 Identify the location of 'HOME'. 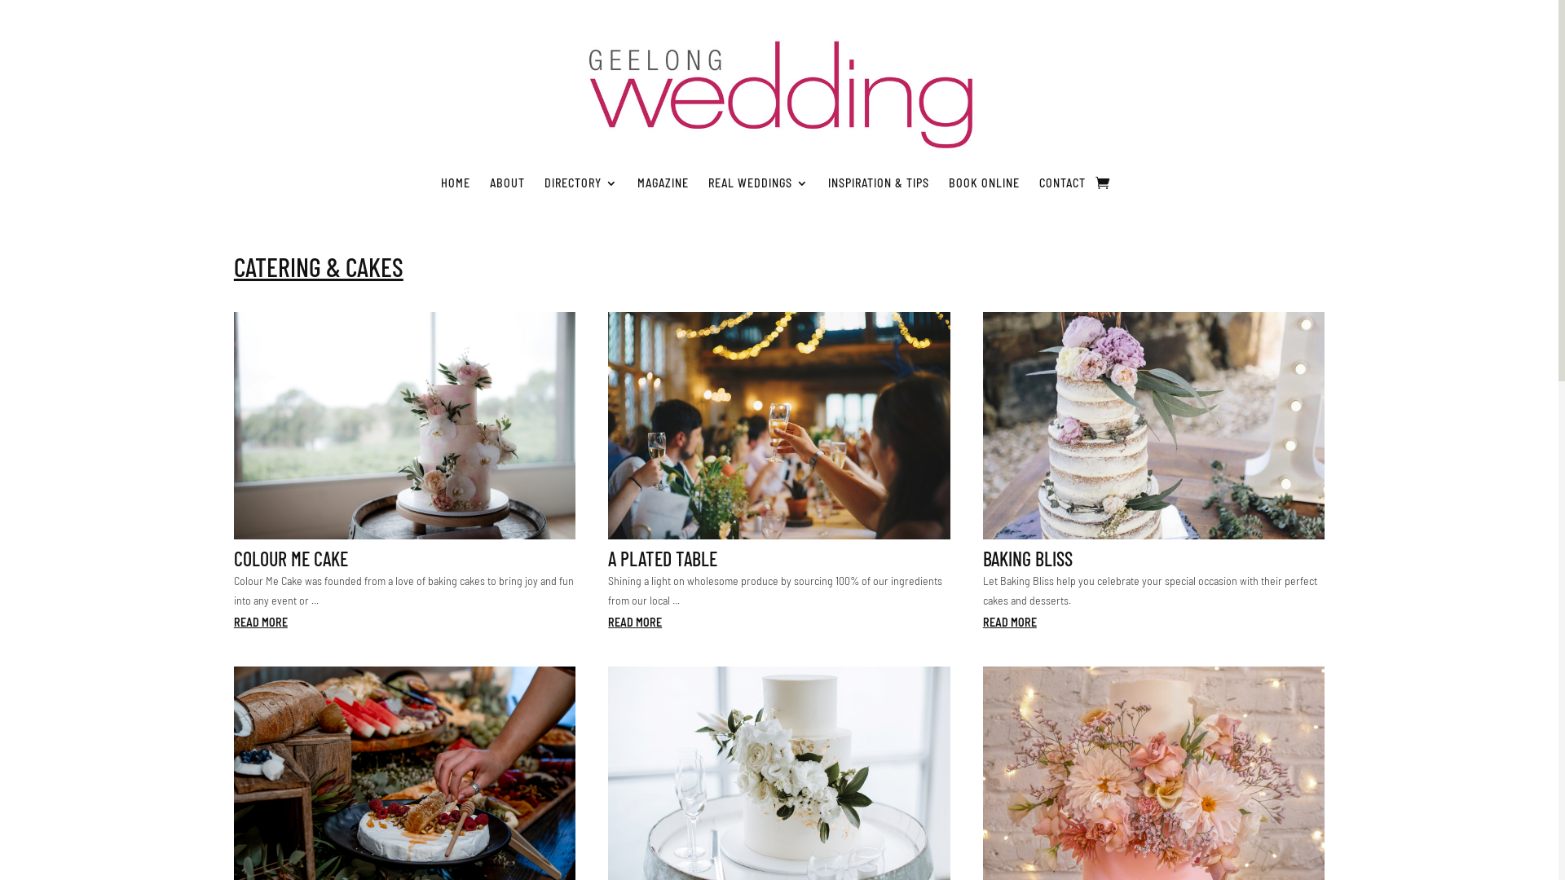
(455, 183).